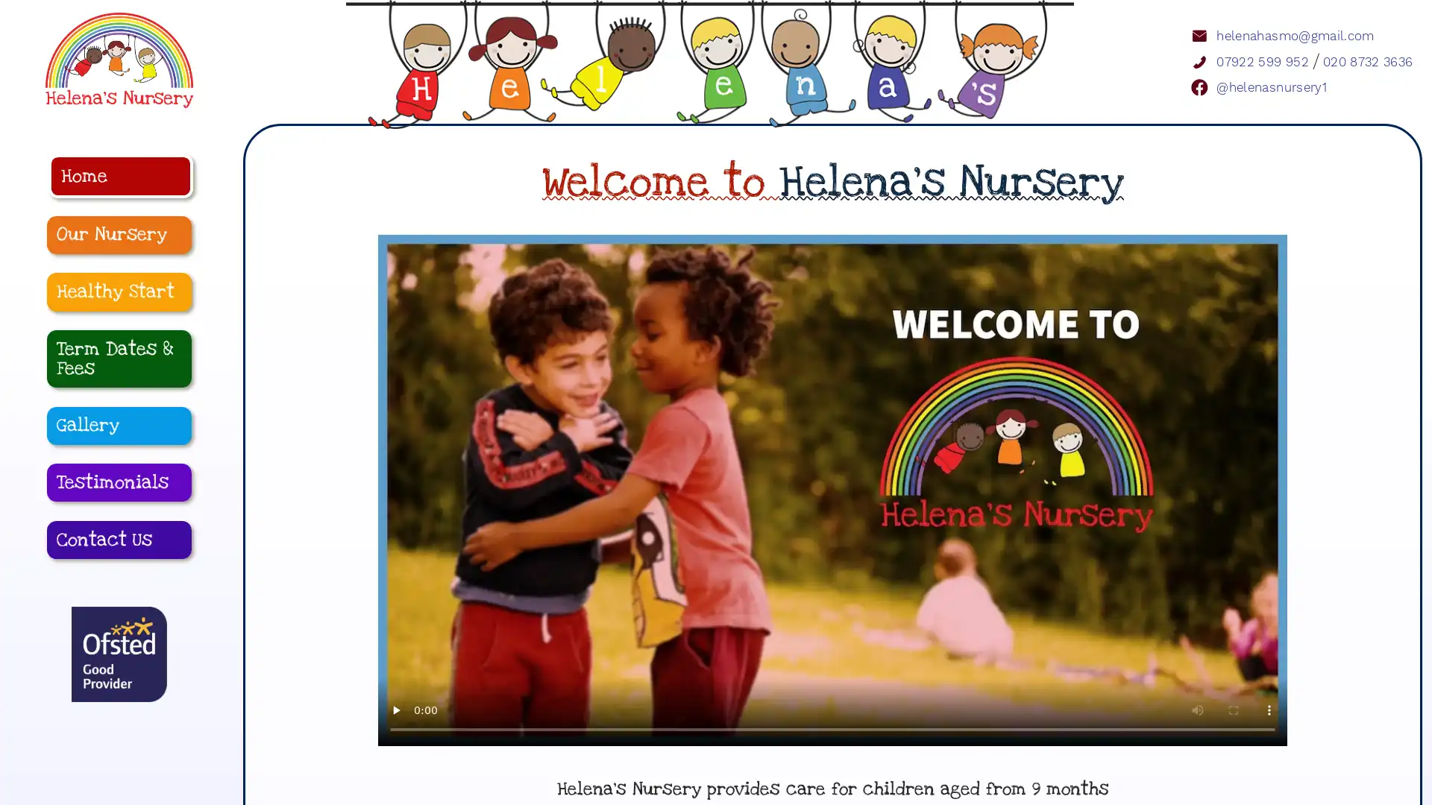 Image resolution: width=1432 pixels, height=805 pixels. I want to click on mute, so click(1198, 734).